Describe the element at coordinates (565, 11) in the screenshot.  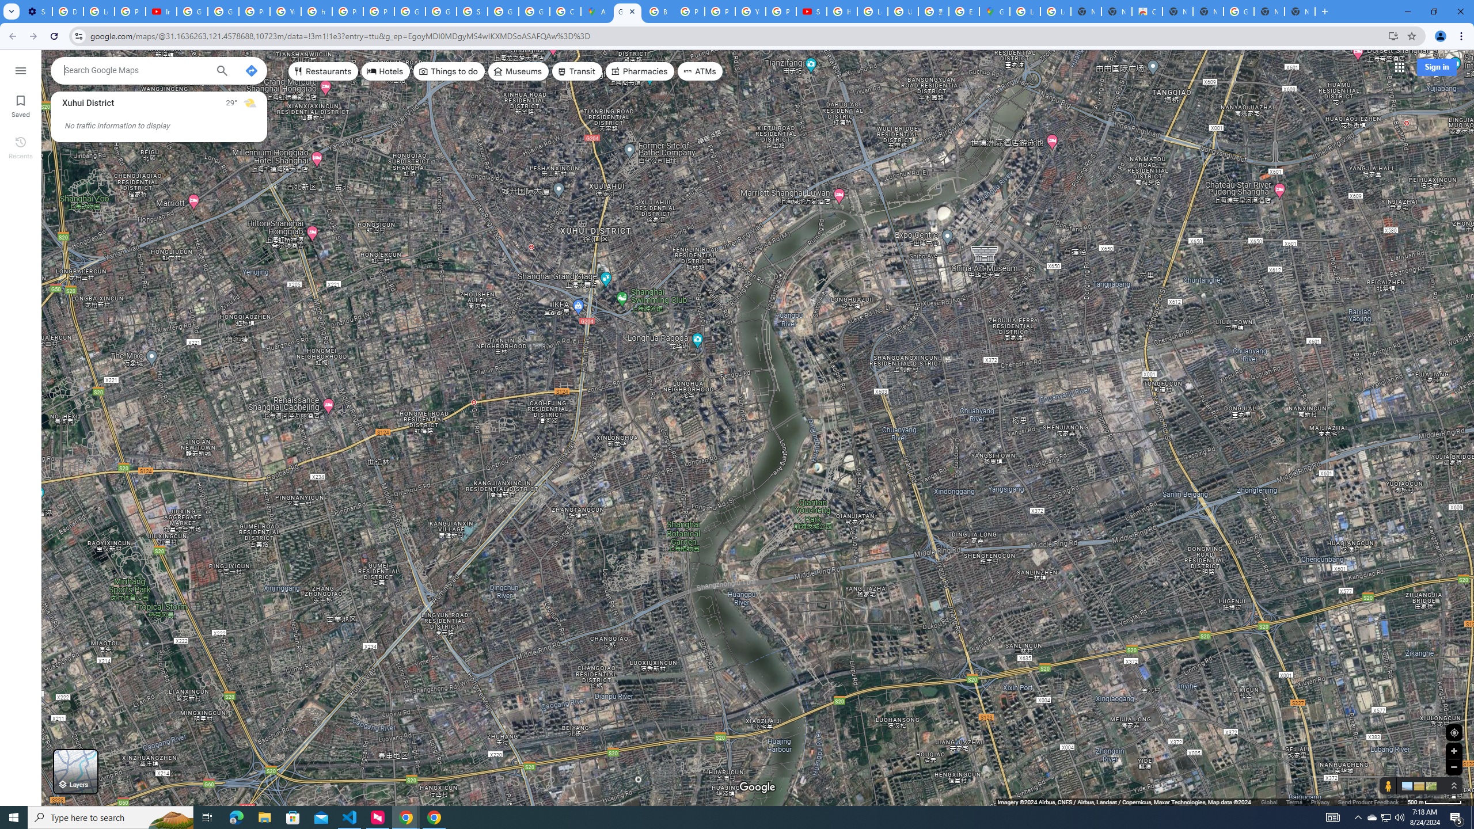
I see `'Create your Google Account'` at that location.